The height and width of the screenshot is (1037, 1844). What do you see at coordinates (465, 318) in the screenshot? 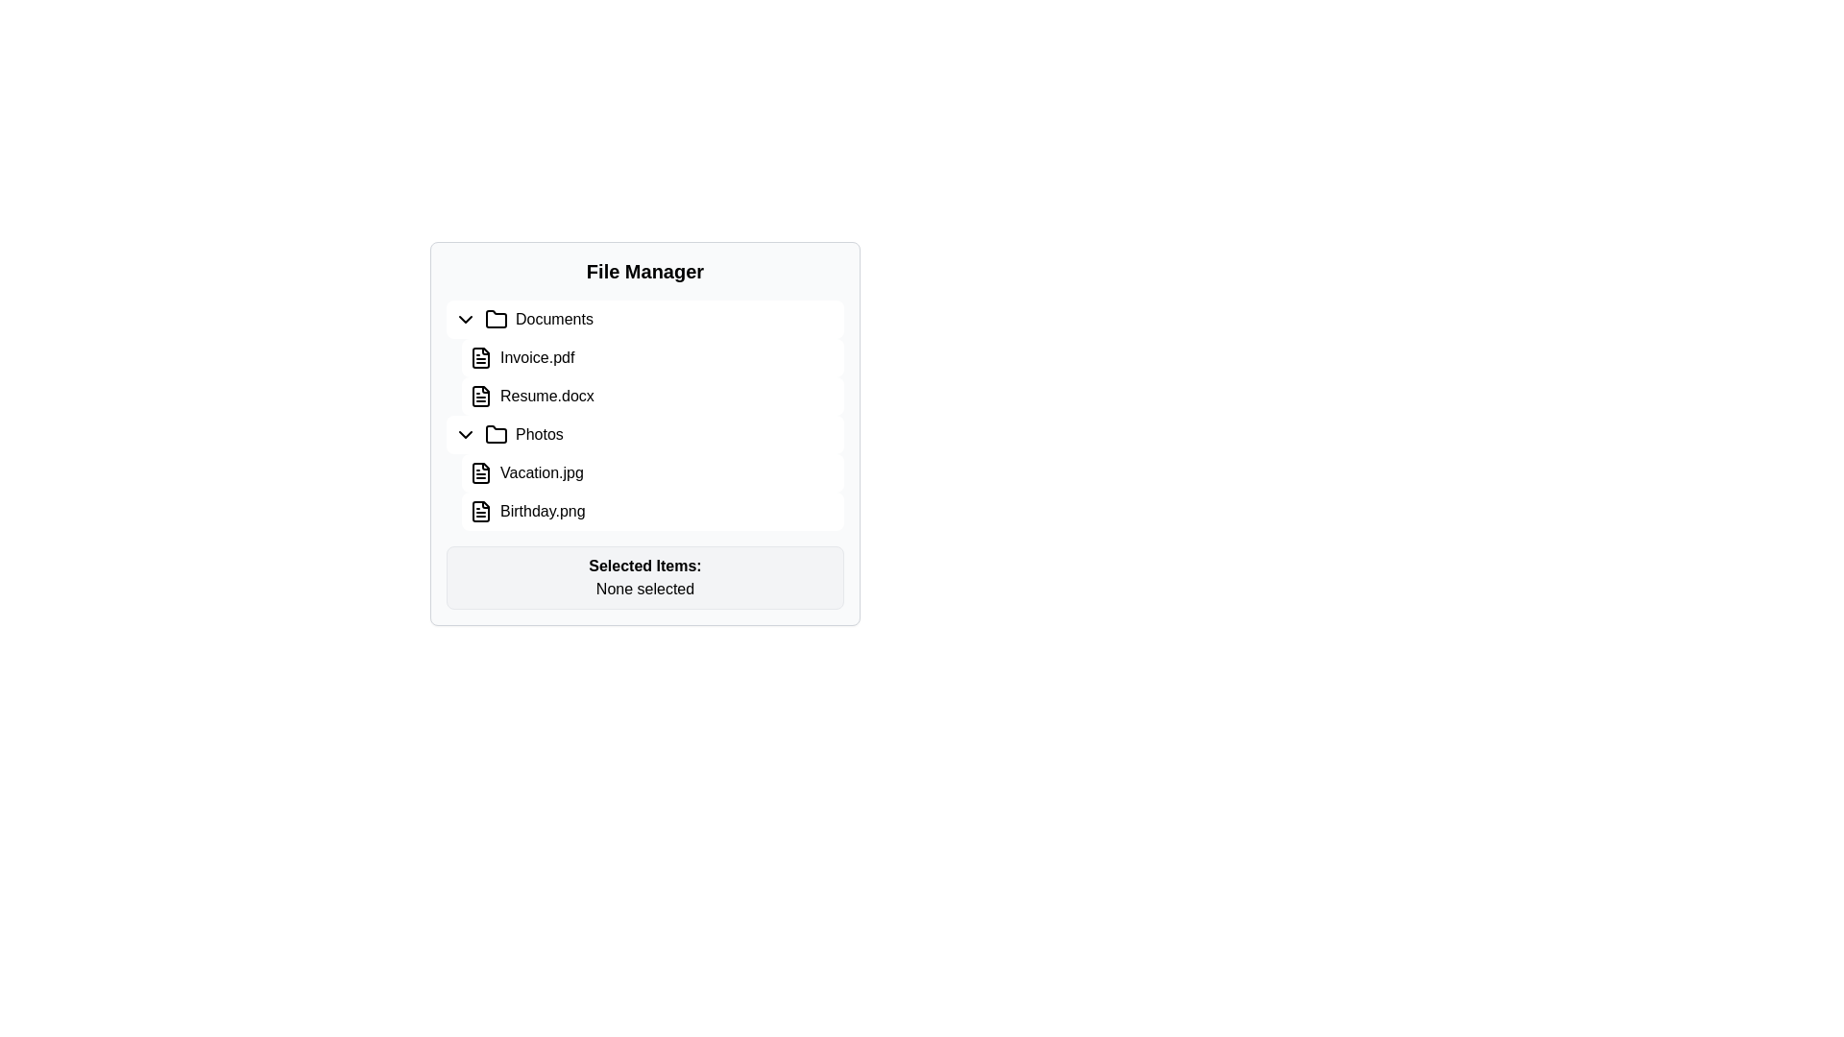
I see `the downward-facing chevron icon located to the left of the 'Documents' label` at bounding box center [465, 318].